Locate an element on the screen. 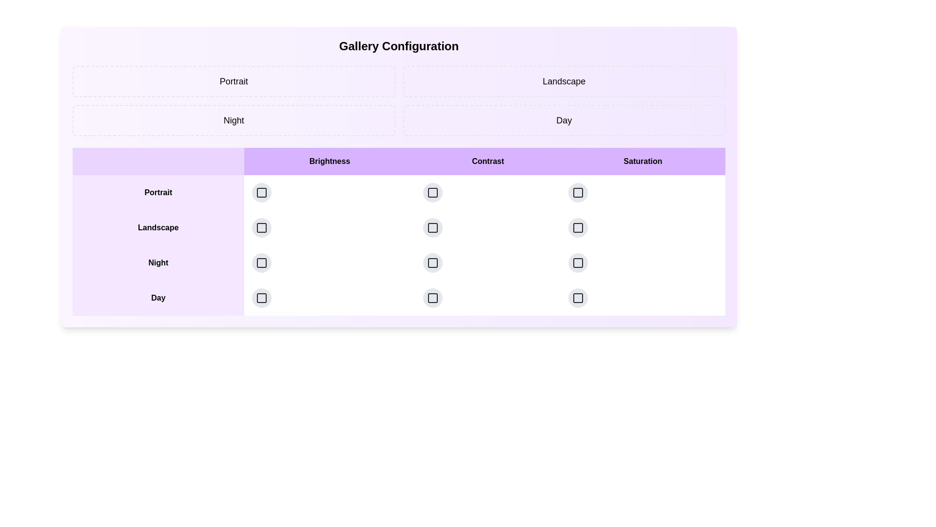 Image resolution: width=936 pixels, height=527 pixels. the 'Day' text label, which is located in the fourth box on the right side, below the 'Gallery Configuration' heading is located at coordinates (564, 120).